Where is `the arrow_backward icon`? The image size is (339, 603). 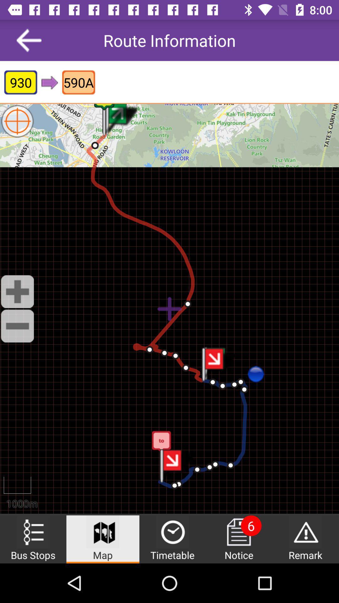 the arrow_backward icon is located at coordinates (29, 40).